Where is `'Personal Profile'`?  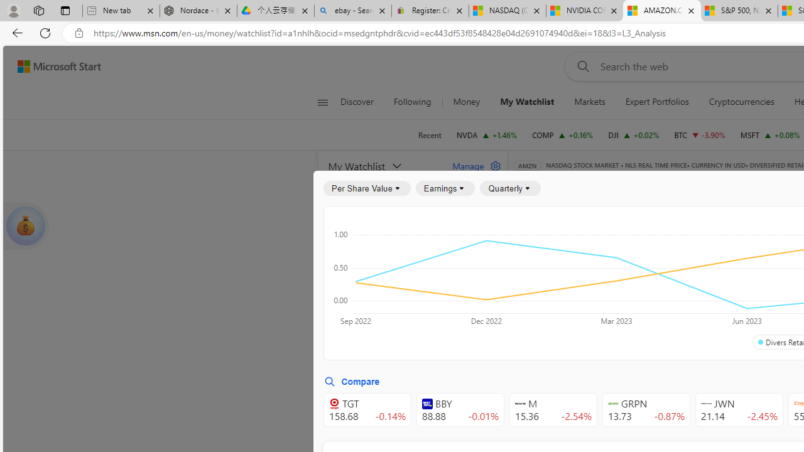
'Personal Profile' is located at coordinates (13, 10).